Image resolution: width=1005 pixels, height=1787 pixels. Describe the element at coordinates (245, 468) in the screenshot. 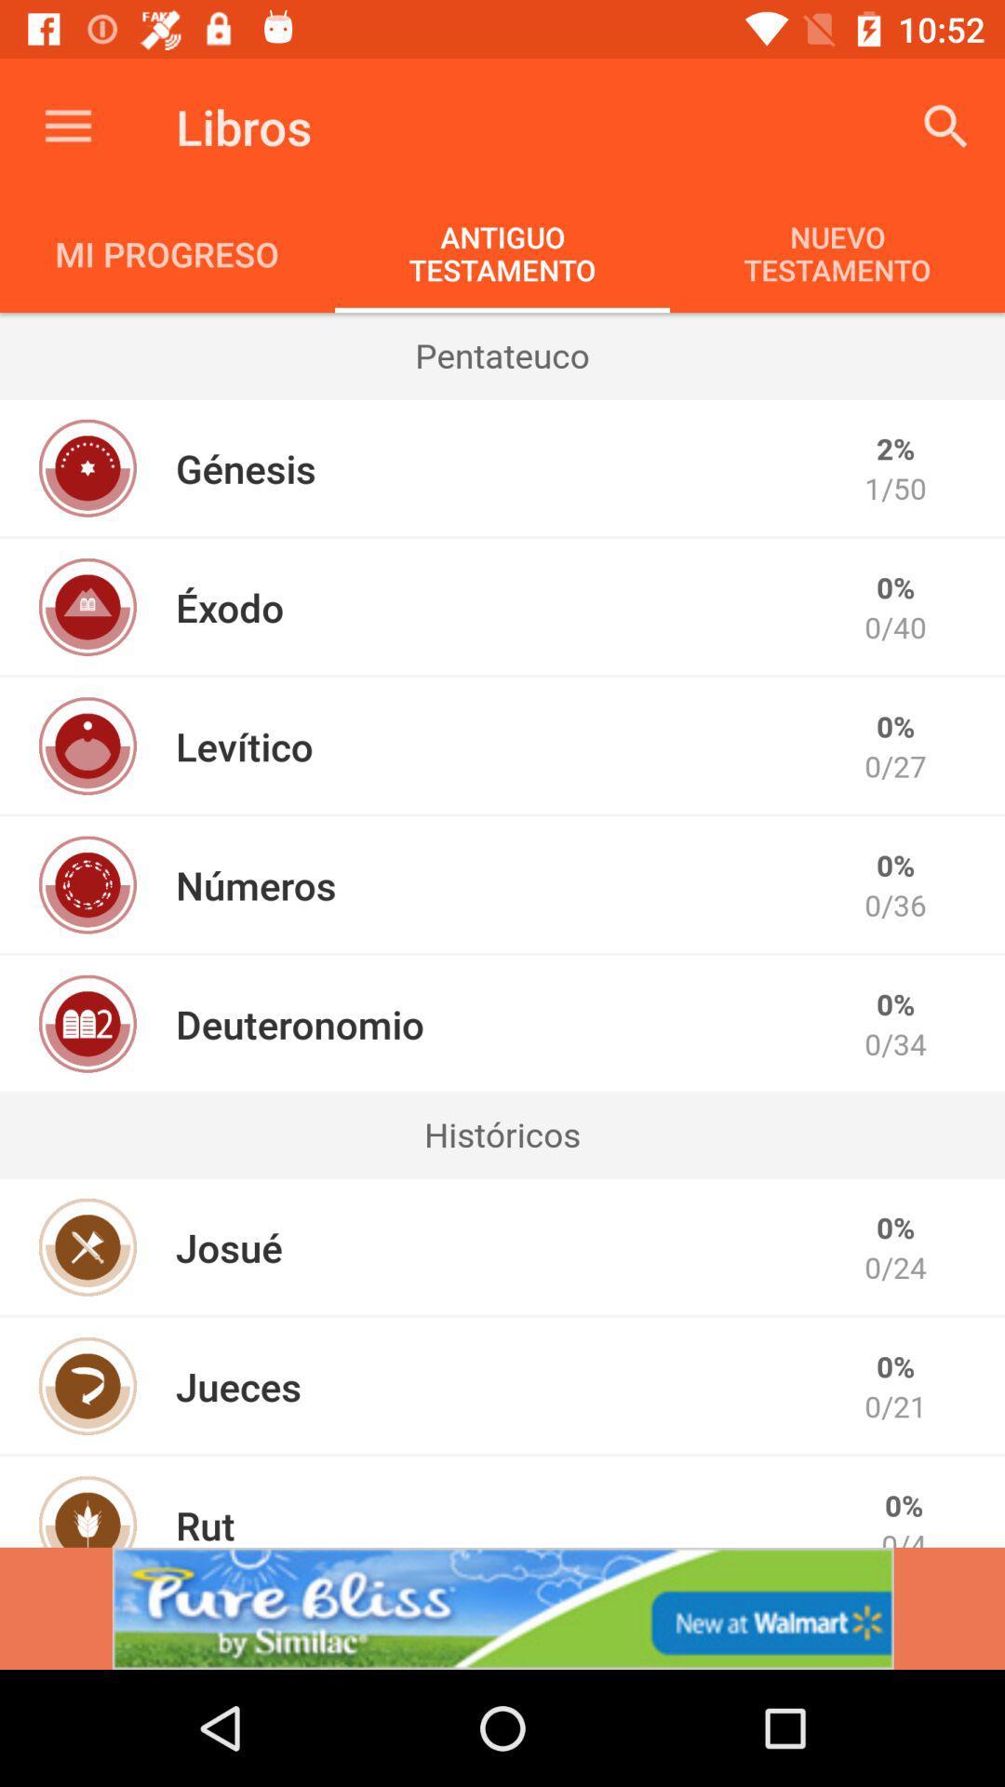

I see `the item to the left of the 1/50` at that location.